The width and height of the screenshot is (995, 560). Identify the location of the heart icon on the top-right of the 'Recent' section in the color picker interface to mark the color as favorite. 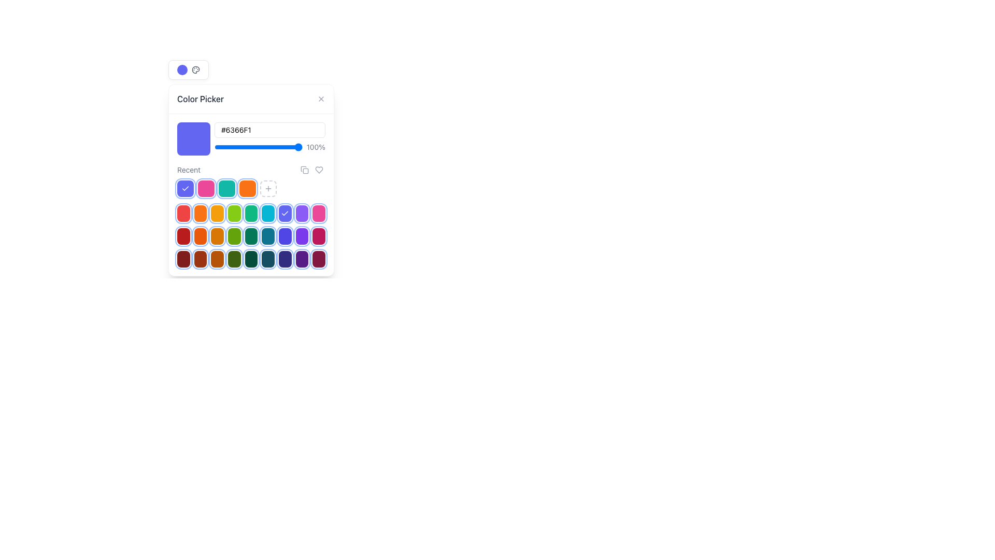
(311, 169).